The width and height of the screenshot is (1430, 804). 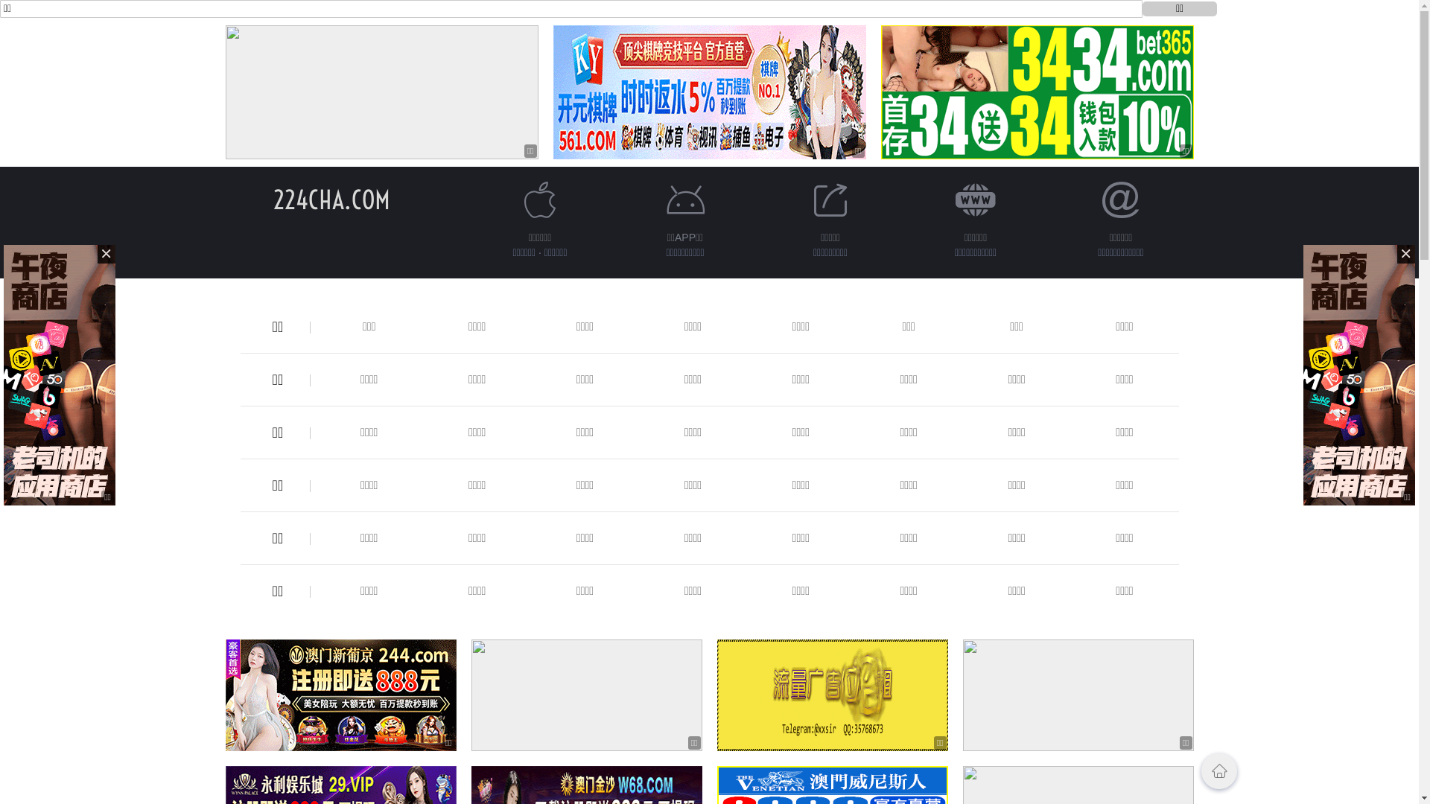 What do you see at coordinates (331, 199) in the screenshot?
I see `'224CHA.COM'` at bounding box center [331, 199].